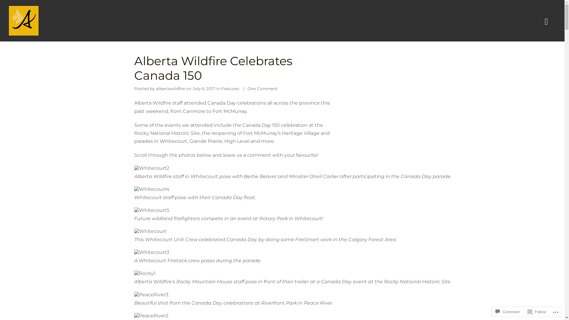 This screenshot has width=569, height=320. What do you see at coordinates (537, 311) in the screenshot?
I see `'Follow'` at bounding box center [537, 311].